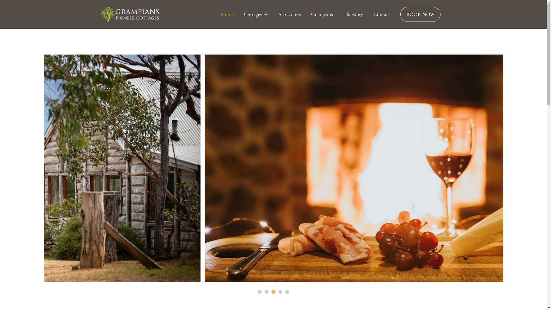 The height and width of the screenshot is (310, 551). I want to click on 'Contact', so click(381, 14).